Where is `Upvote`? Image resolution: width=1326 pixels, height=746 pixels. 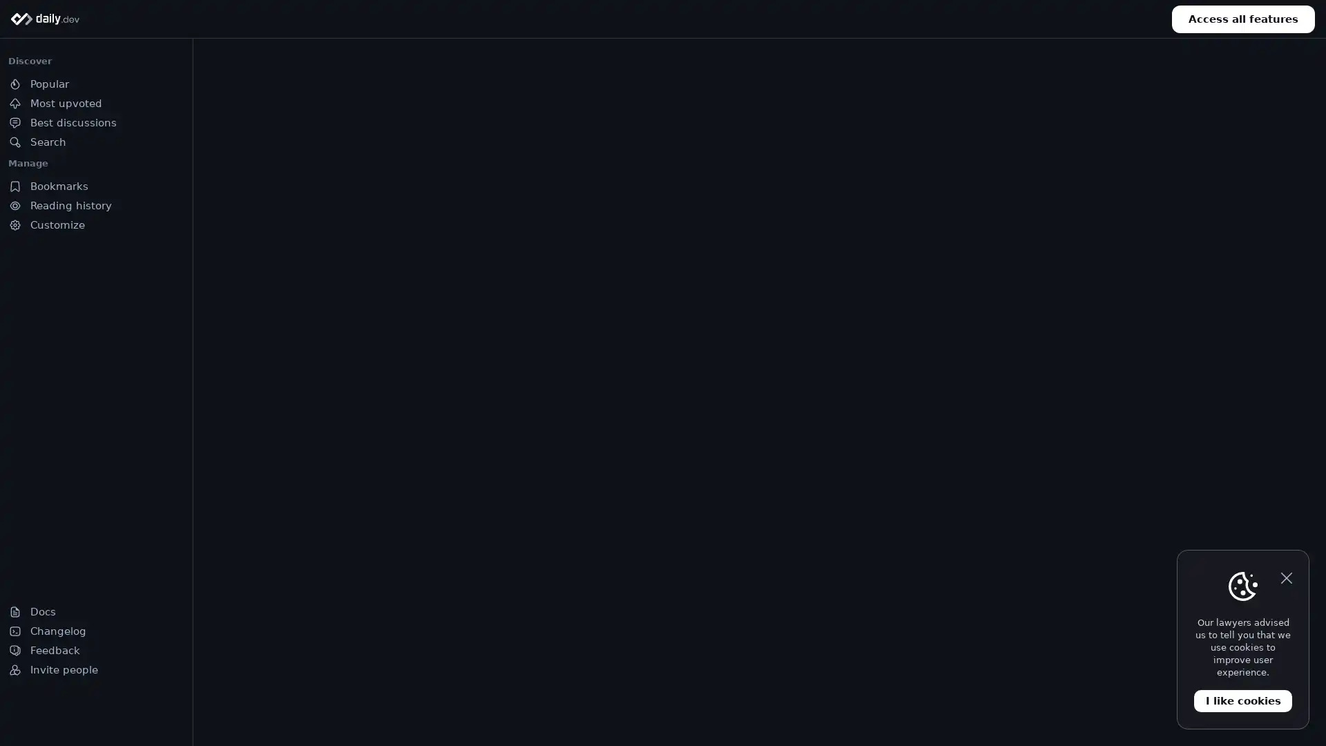 Upvote is located at coordinates (314, 673).